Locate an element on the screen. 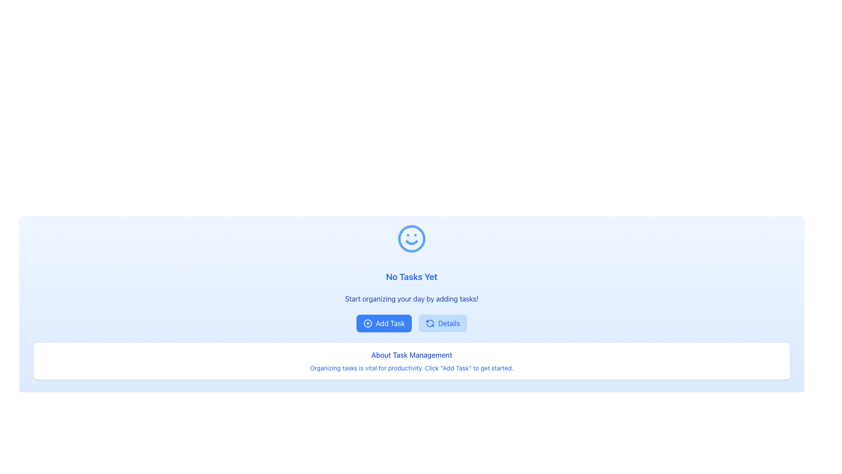 The height and width of the screenshot is (474, 842). the blue text paragraph that states 'Organizing tasks is vital for productivity. Click "Add Task" to get started.' located below the 'About Task Management' heading is located at coordinates (411, 368).